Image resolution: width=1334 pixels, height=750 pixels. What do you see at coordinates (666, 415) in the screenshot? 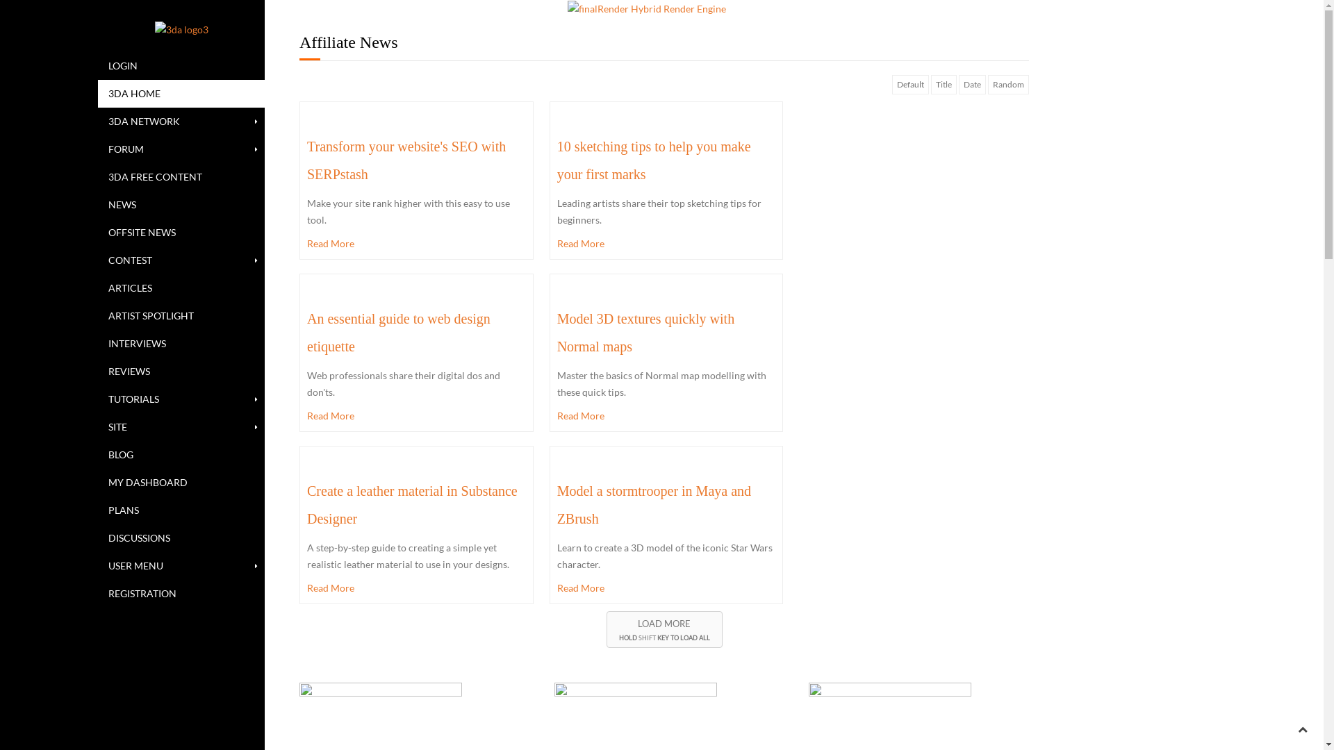
I see `'Read More'` at bounding box center [666, 415].